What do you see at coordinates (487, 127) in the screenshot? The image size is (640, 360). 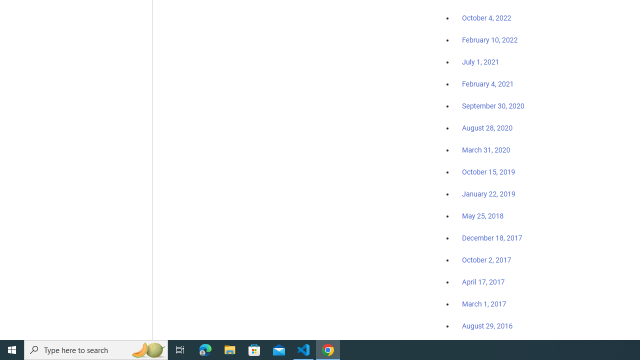 I see `'August 28, 2020'` at bounding box center [487, 127].